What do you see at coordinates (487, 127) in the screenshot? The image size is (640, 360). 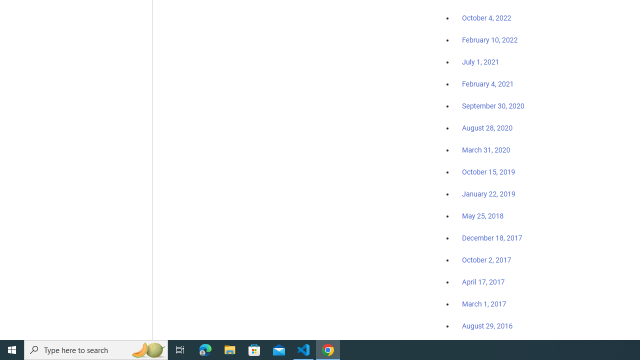 I see `'August 28, 2020'` at bounding box center [487, 127].